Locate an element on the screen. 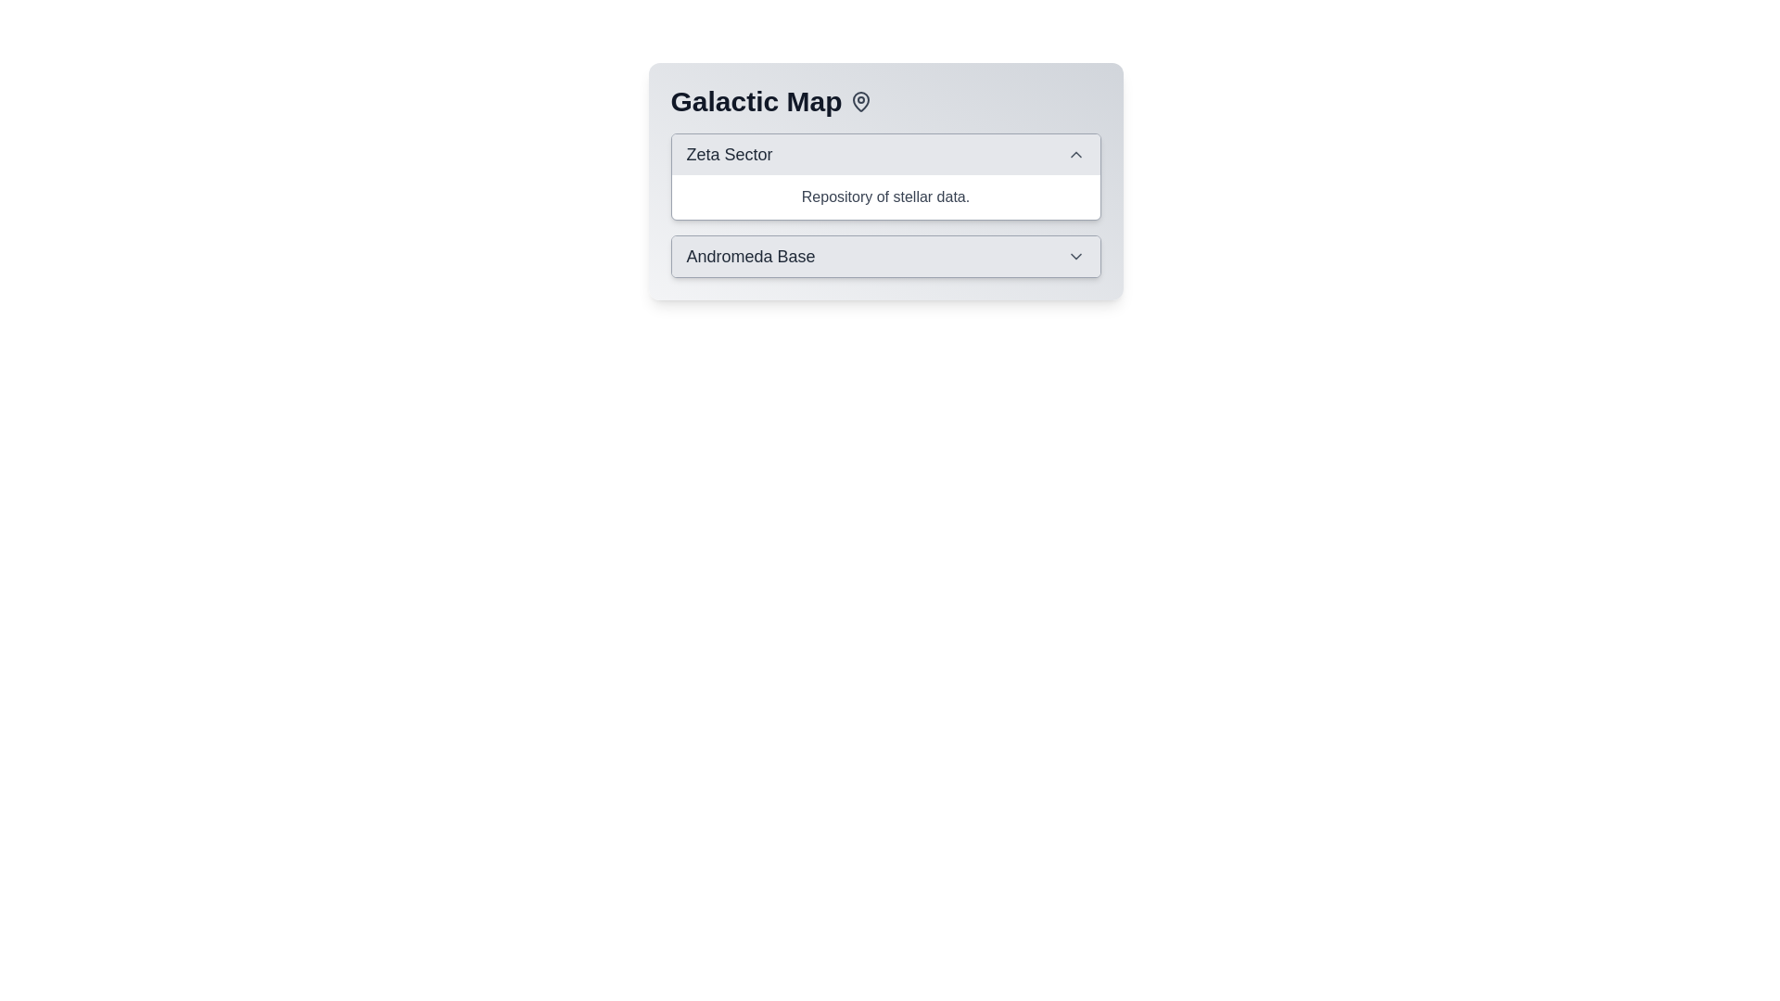  the Dropdown Header labeled 'Zeta Sector', which is a button-like component with a light gray background and an upward-pointing chevron icon is located at coordinates (884, 153).